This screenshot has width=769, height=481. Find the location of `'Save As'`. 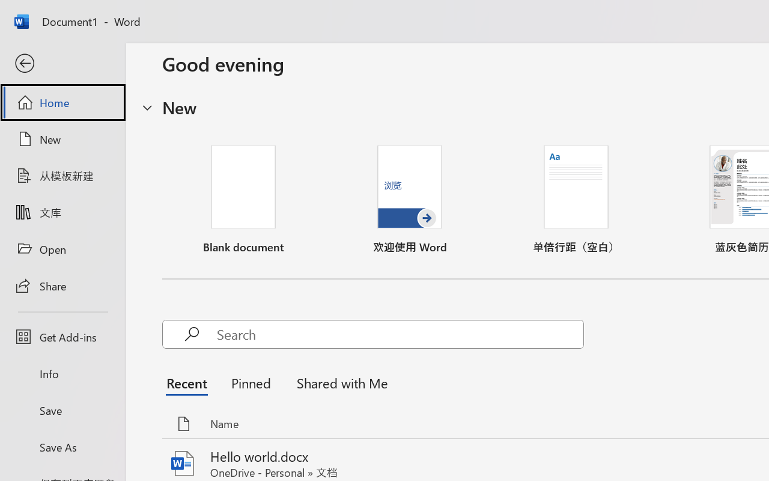

'Save As' is located at coordinates (62, 447).